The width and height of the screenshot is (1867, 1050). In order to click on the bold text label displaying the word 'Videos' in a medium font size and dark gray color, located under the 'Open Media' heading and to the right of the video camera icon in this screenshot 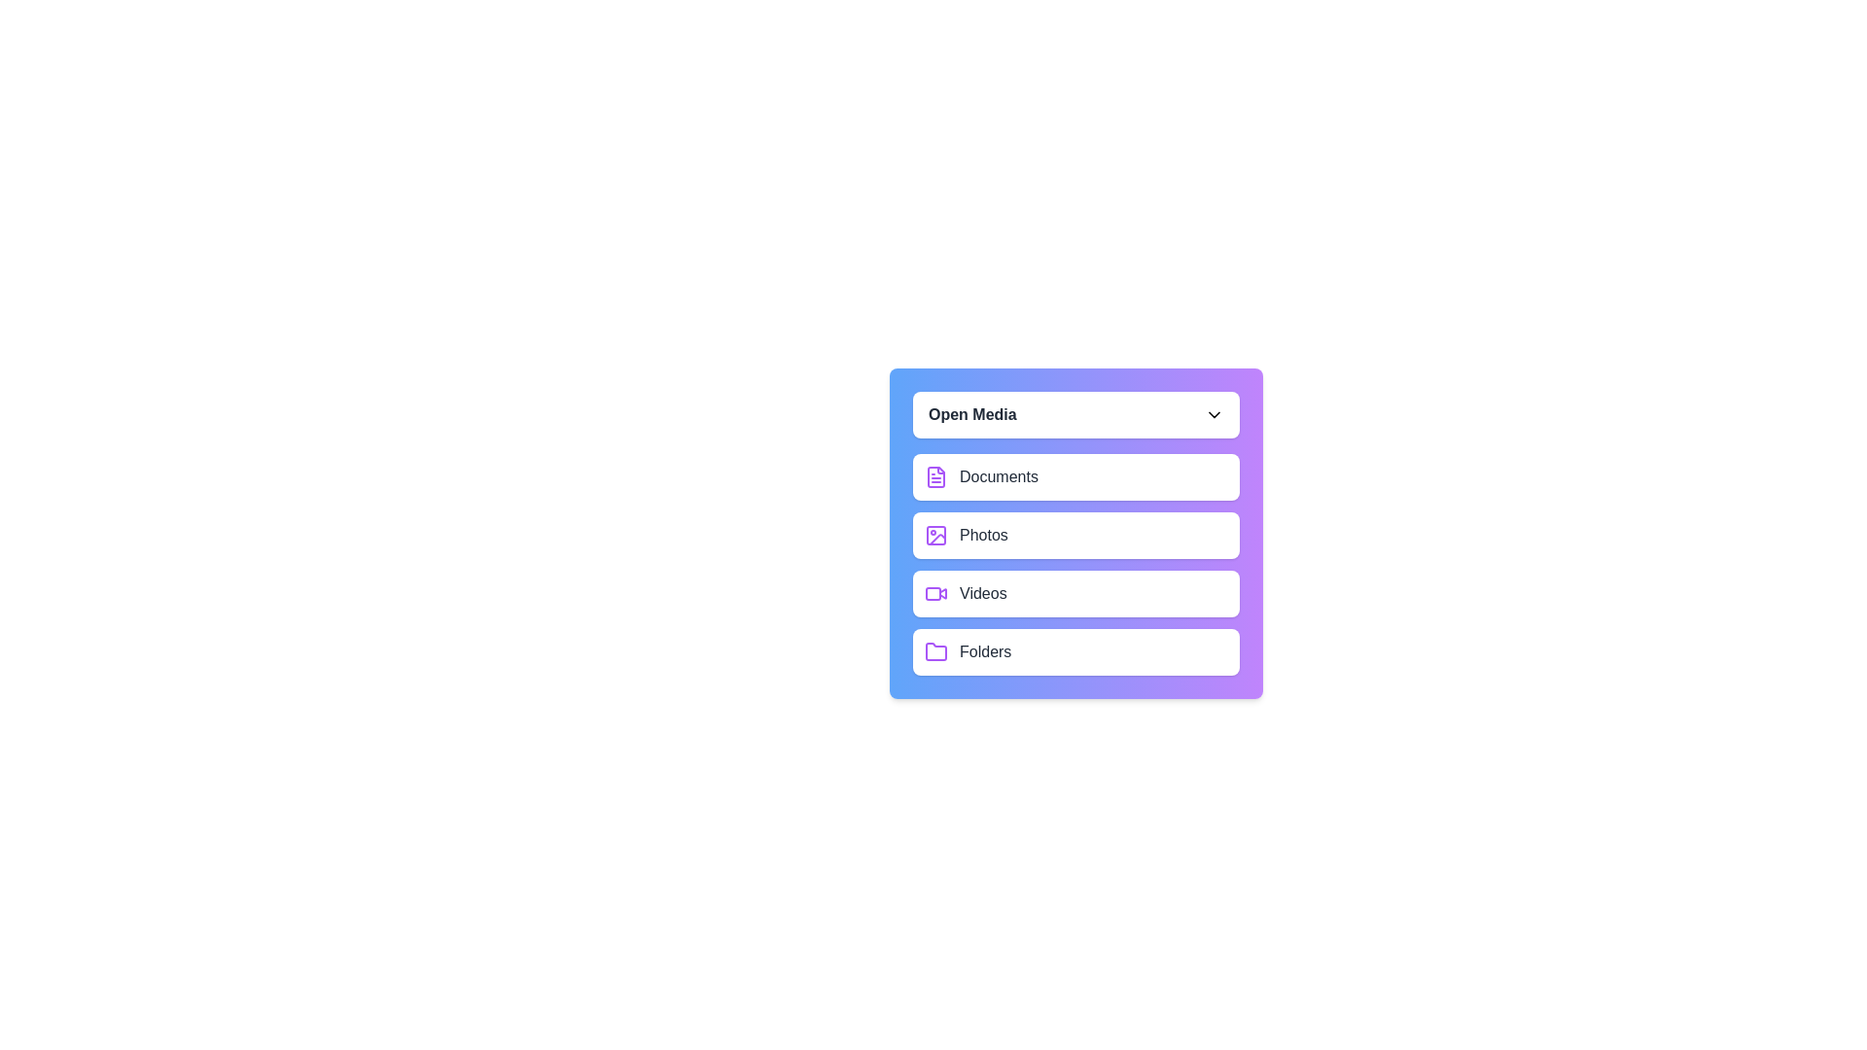, I will do `click(983, 592)`.